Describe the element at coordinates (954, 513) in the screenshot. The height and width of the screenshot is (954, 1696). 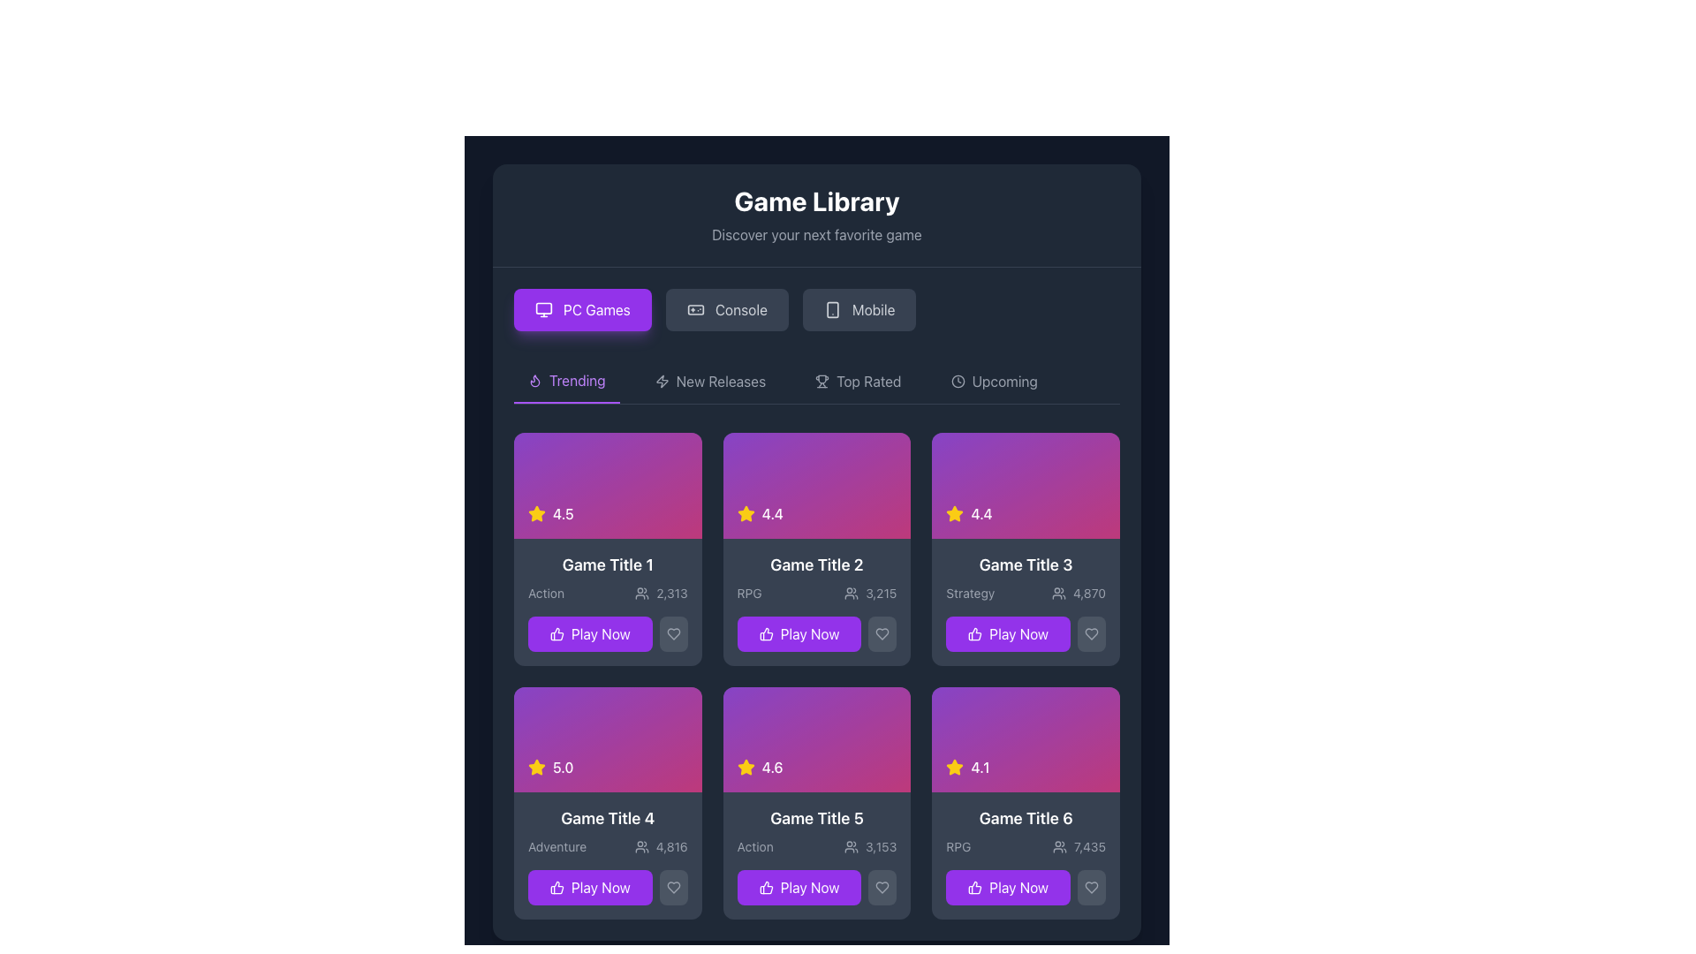
I see `the vibrant yellow star icon located in the bottom-left corner of the card for 'Game Title 3'` at that location.